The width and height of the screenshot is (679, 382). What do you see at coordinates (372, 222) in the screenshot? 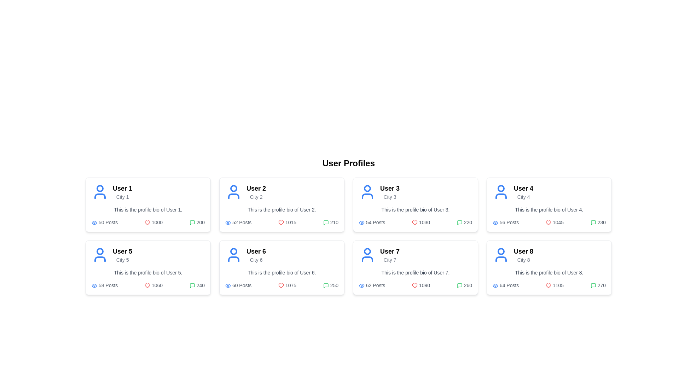
I see `the Text Label with Icon that displays the total number of posts for User 3, located in the bottom section of the profile card, top row, third column of the grid layout` at bounding box center [372, 222].